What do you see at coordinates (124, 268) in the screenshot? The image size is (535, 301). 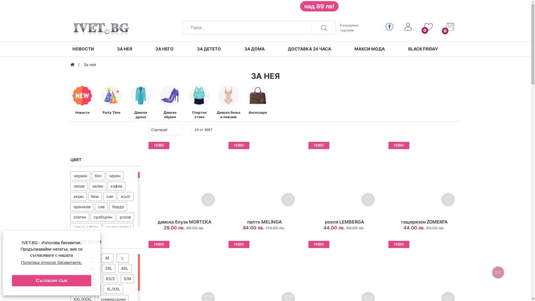 I see `'4XL'` at bounding box center [124, 268].